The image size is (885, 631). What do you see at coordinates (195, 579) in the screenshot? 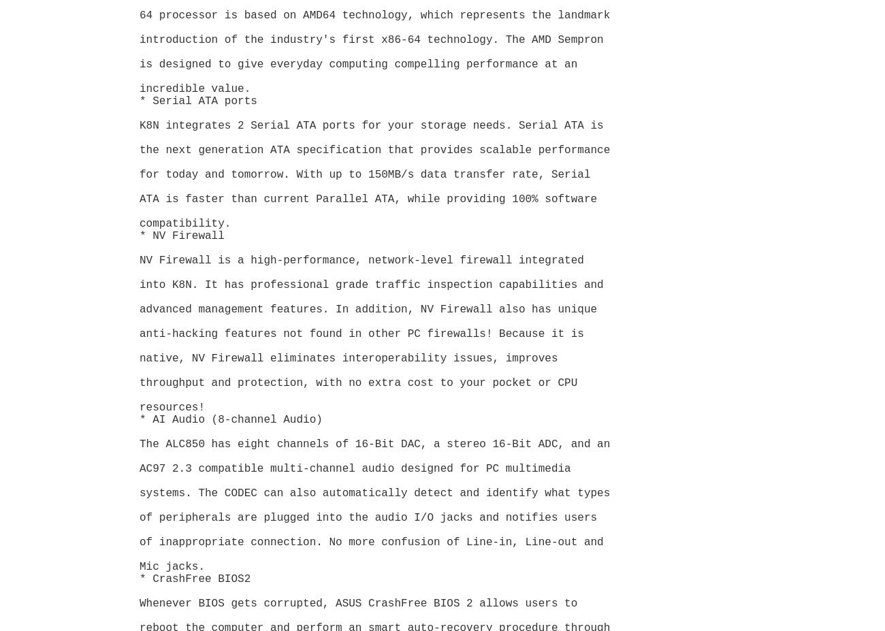
I see `'* CrashFree BIOS2'` at bounding box center [195, 579].